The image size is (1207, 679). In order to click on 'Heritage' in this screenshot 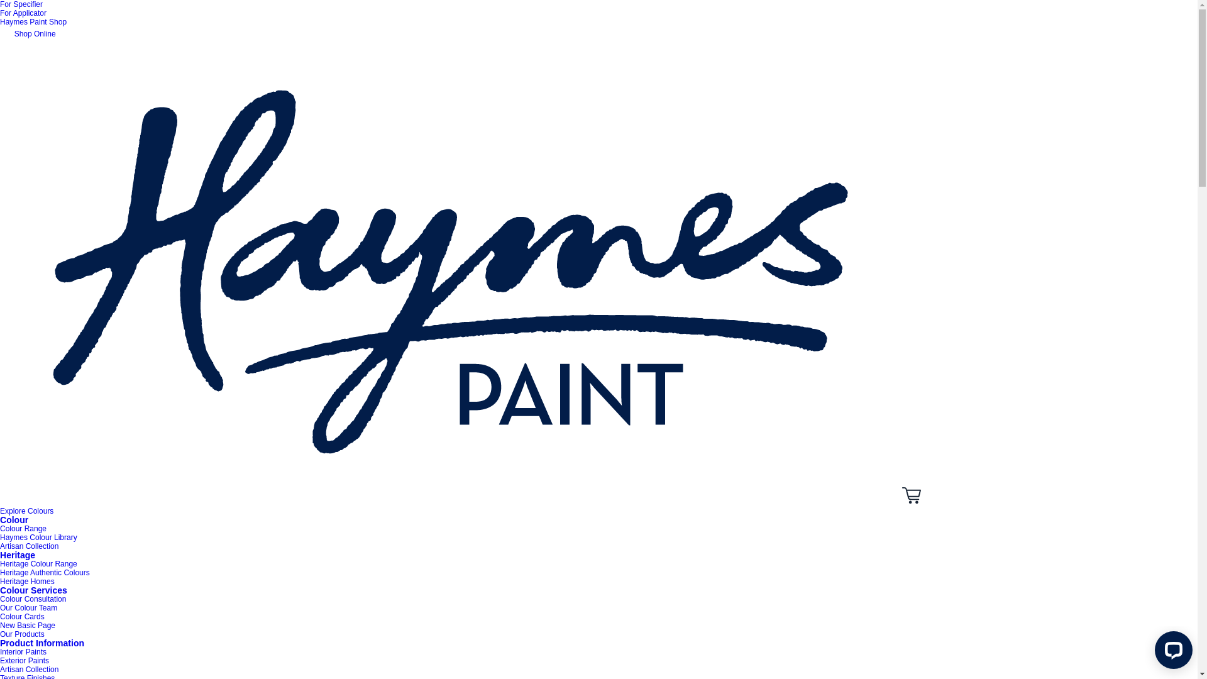, I will do `click(18, 555)`.